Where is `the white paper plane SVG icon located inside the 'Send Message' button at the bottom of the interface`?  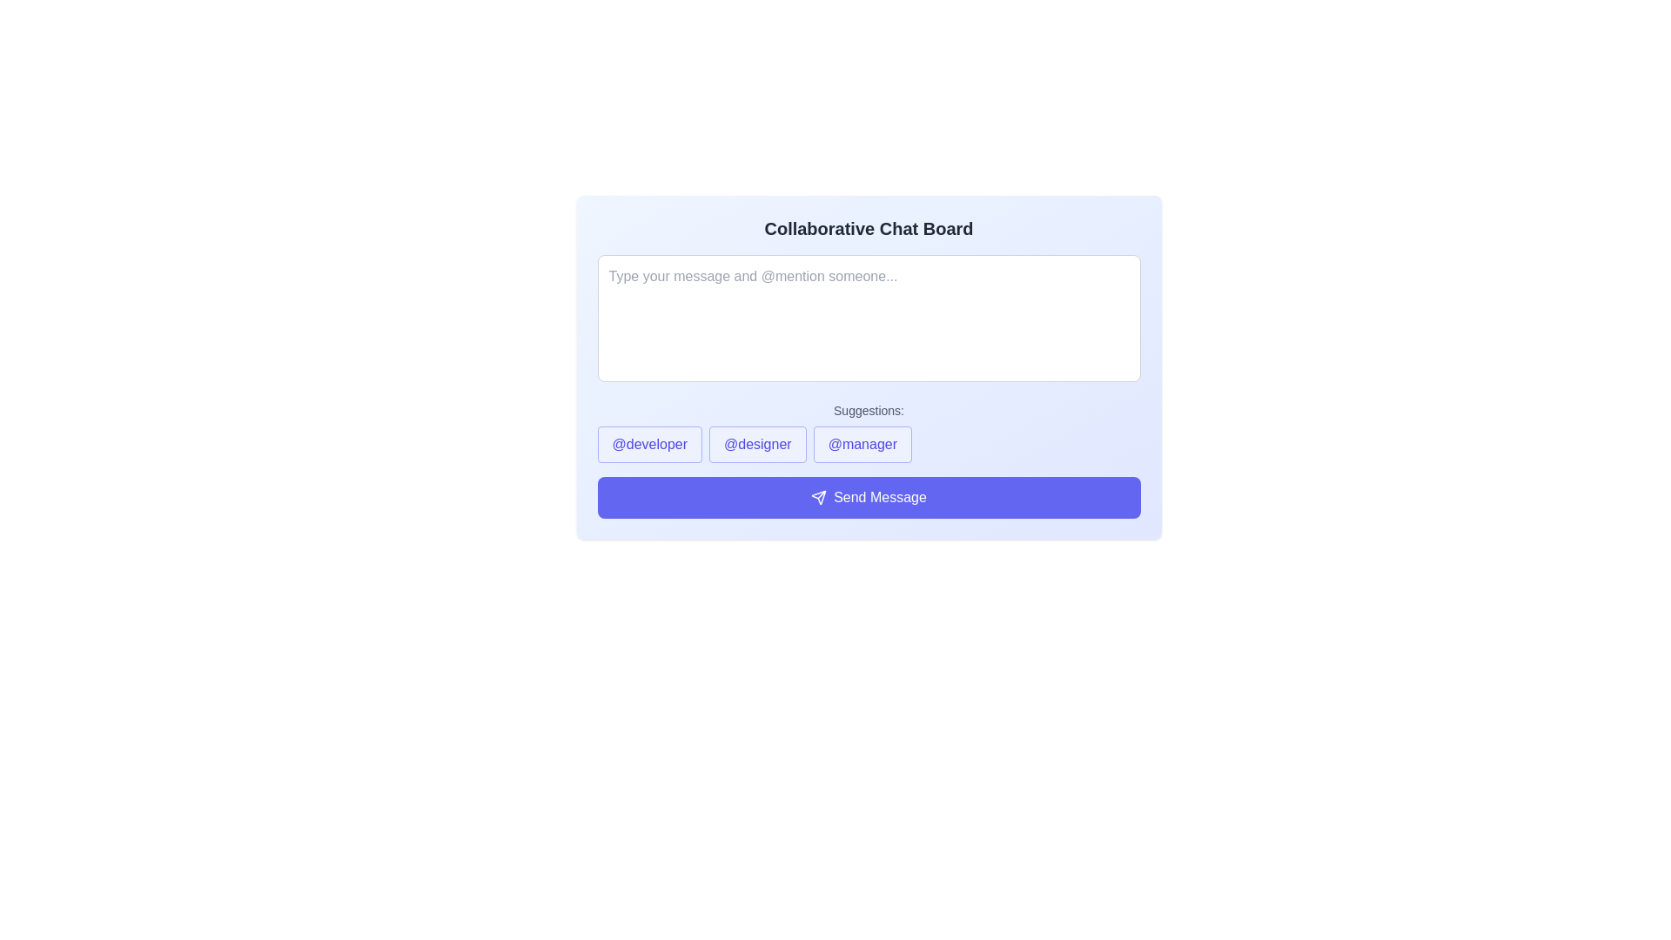 the white paper plane SVG icon located inside the 'Send Message' button at the bottom of the interface is located at coordinates (818, 497).